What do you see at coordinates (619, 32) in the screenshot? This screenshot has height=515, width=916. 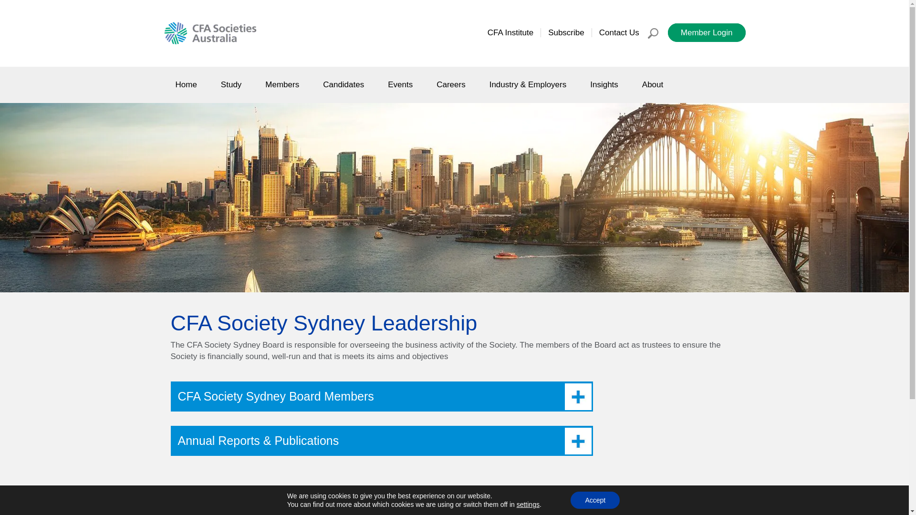 I see `'Contact Us'` at bounding box center [619, 32].